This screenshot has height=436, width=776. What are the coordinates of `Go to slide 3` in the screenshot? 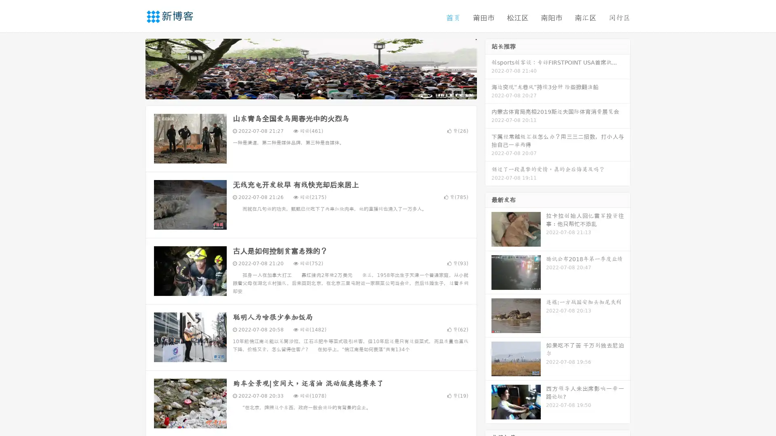 It's located at (319, 91).